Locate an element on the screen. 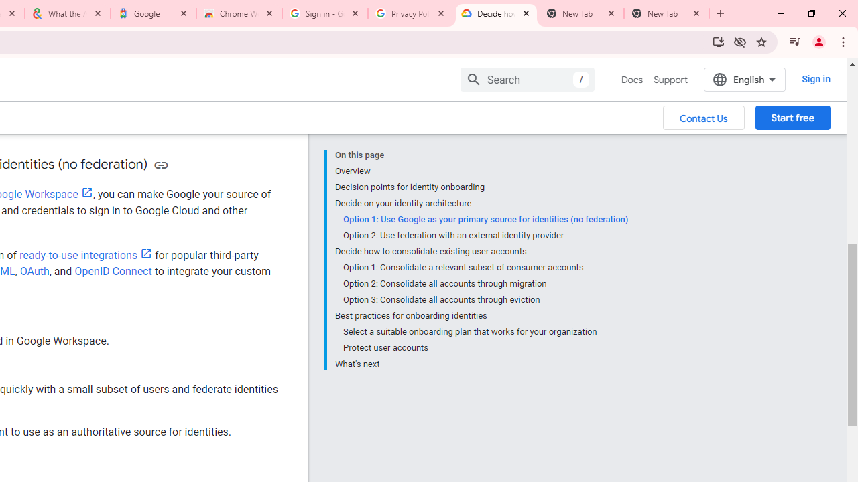 The image size is (858, 482). 'Option 2: Use federation with an external identity provider' is located at coordinates (484, 235).